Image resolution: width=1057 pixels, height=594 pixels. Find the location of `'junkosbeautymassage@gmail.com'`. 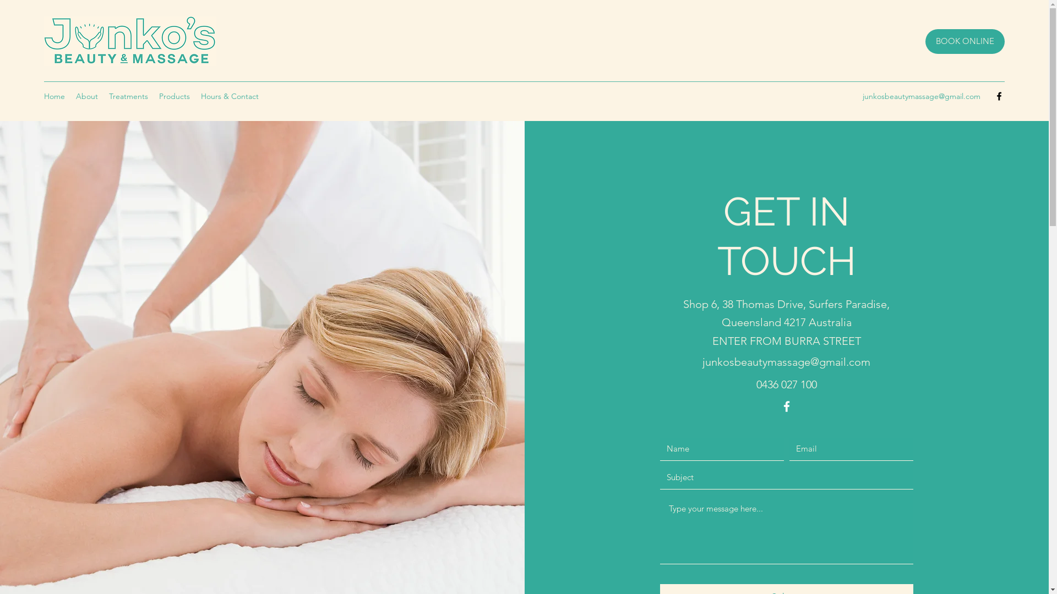

'junkosbeautymassage@gmail.com' is located at coordinates (702, 362).